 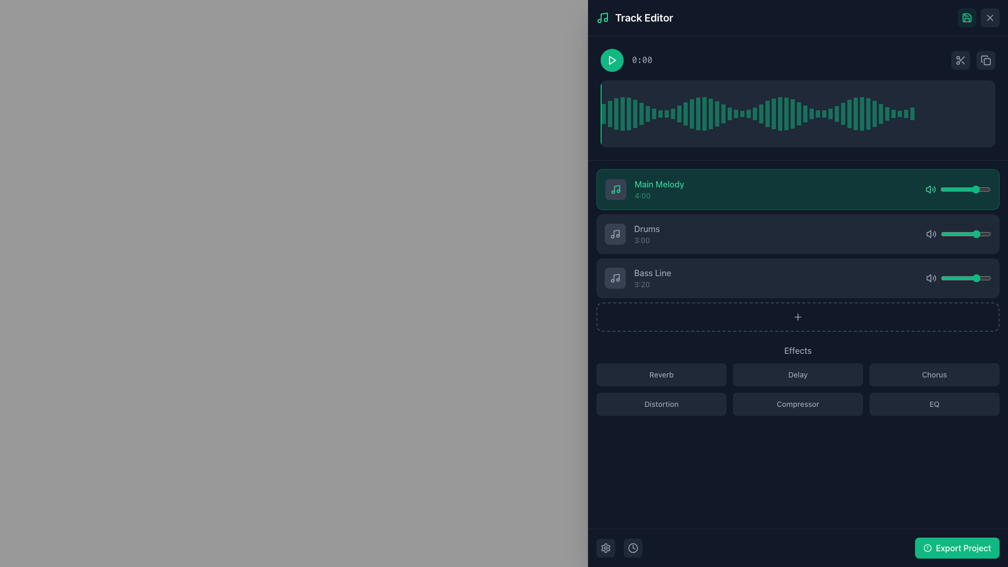 What do you see at coordinates (972, 190) in the screenshot?
I see `the volume slider` at bounding box center [972, 190].